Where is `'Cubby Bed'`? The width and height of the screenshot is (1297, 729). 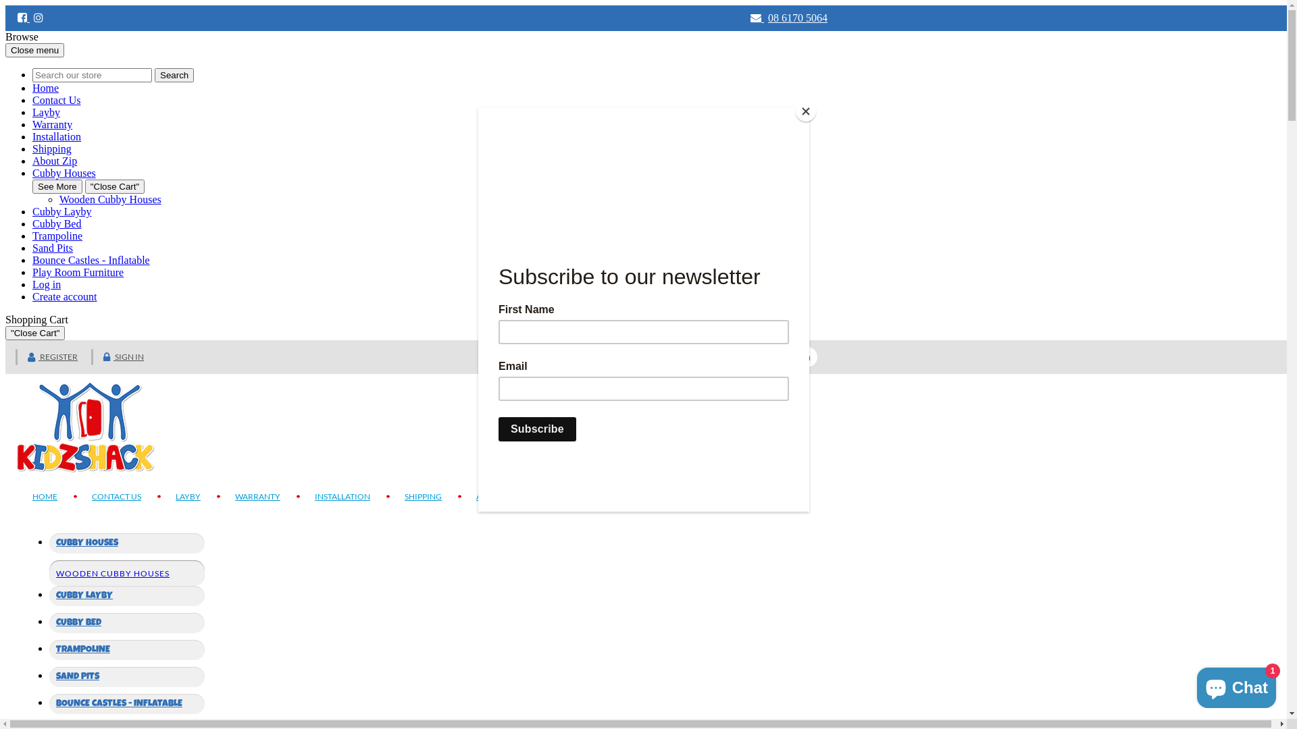 'Cubby Bed' is located at coordinates (55, 223).